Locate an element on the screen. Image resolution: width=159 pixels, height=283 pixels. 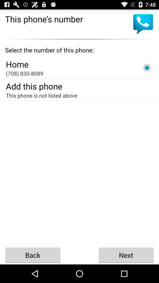
icon is located at coordinates (147, 68).